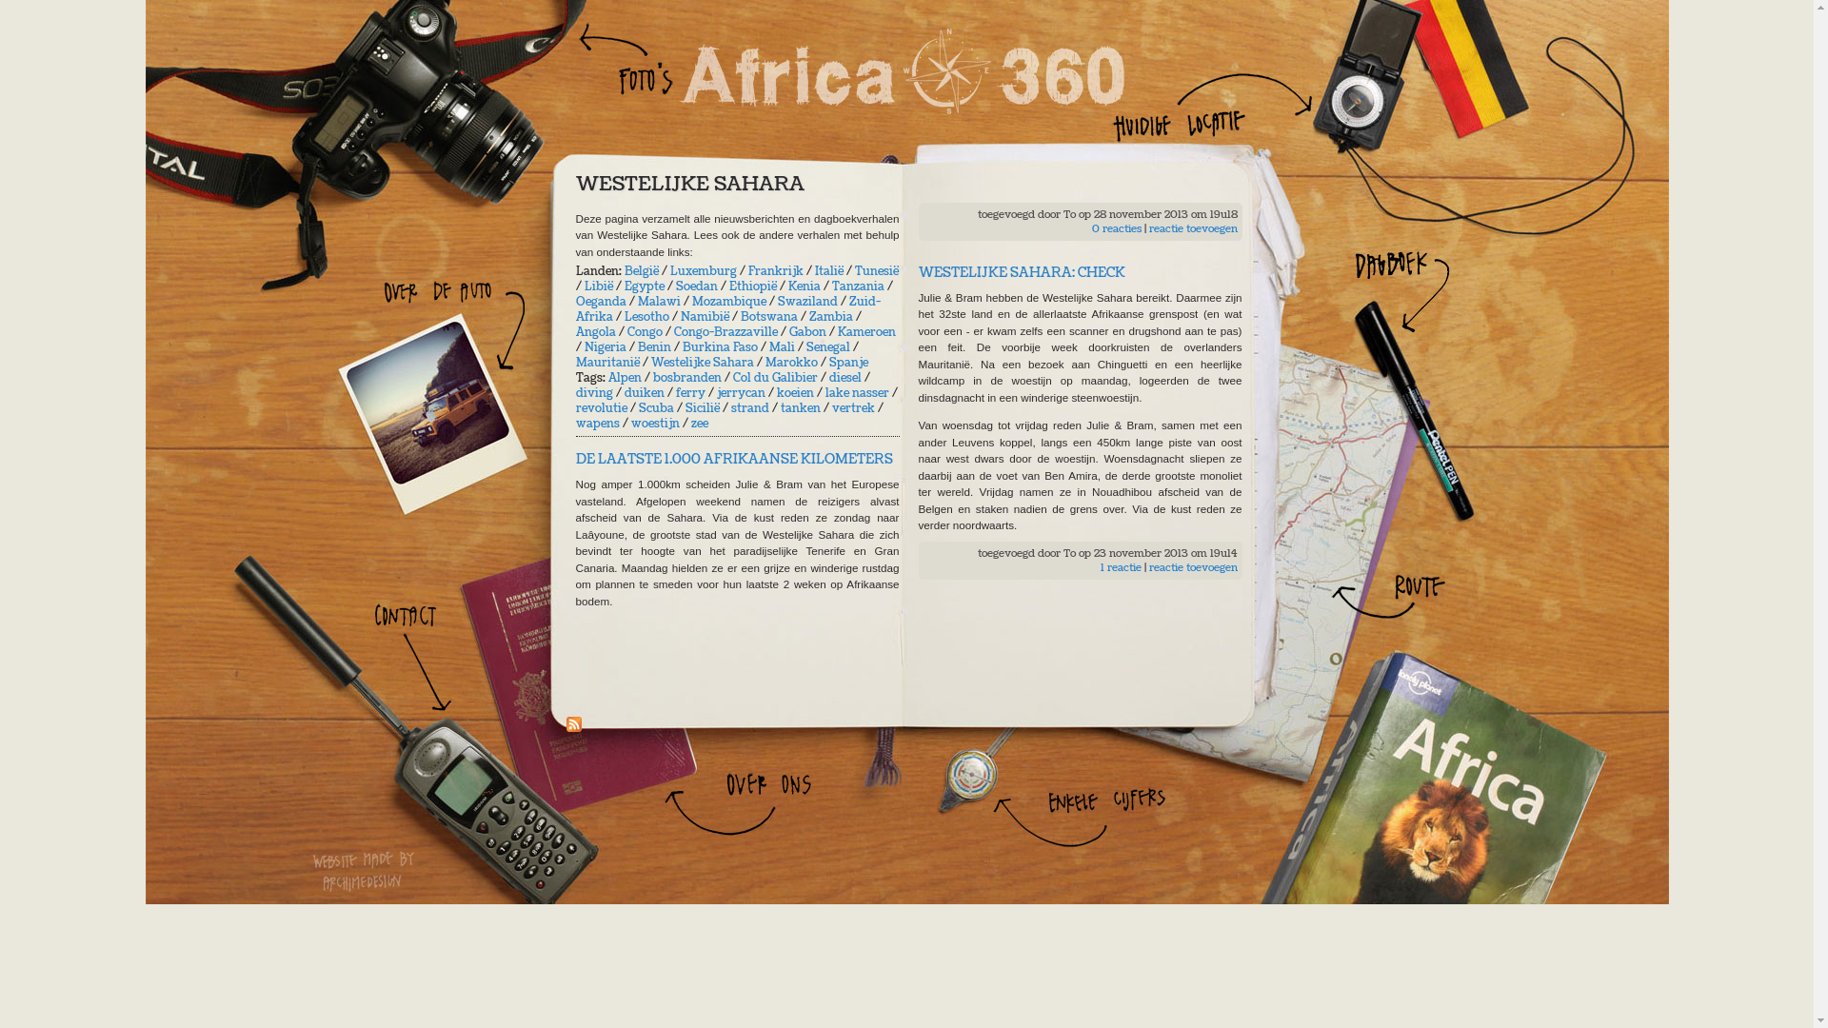 The image size is (1828, 1028). Describe the element at coordinates (109, 0) in the screenshot. I see `'Overslaan en naar de algemene inhoud gaan'` at that location.